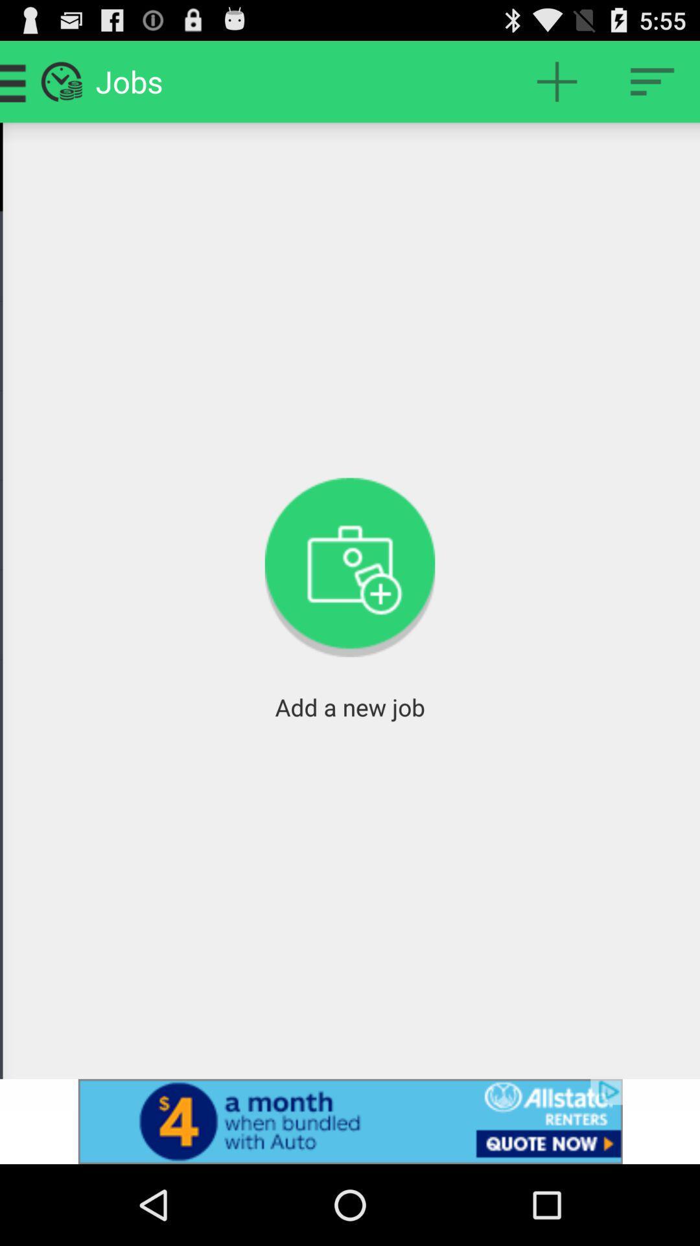  Describe the element at coordinates (652, 80) in the screenshot. I see `open settings` at that location.